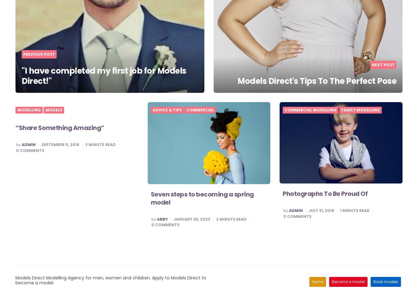  I want to click on 'Advice & Tips', so click(167, 110).